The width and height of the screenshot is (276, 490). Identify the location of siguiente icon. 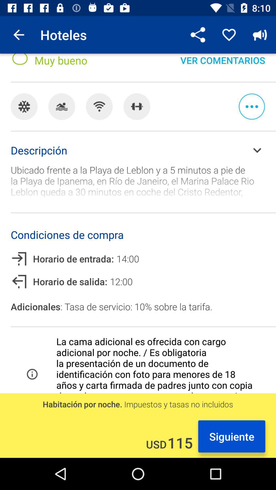
(232, 436).